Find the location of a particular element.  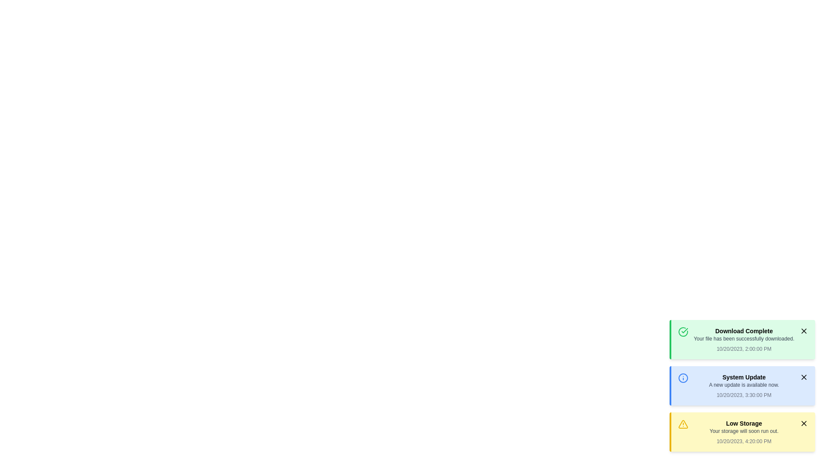

the green circular Decorative Icon with a checkmark located inside the 'Download Complete' notification box is located at coordinates (683, 331).